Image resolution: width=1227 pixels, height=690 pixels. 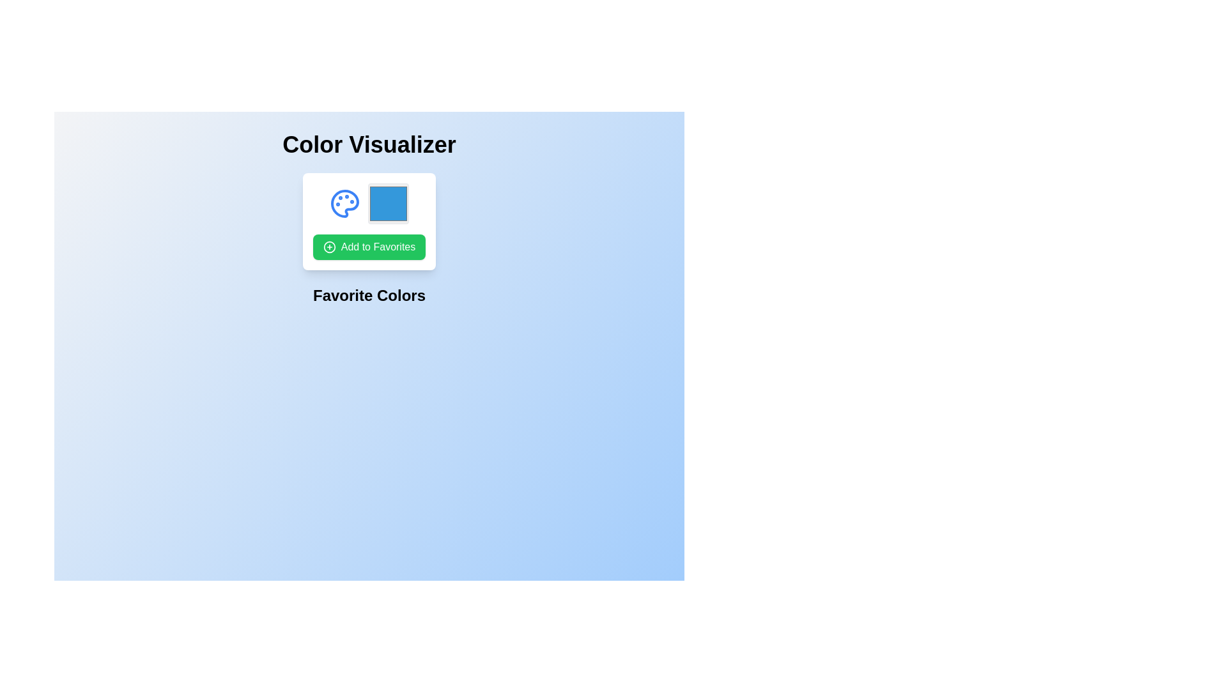 I want to click on the color display box with the color value '#3498db', so click(x=368, y=203).